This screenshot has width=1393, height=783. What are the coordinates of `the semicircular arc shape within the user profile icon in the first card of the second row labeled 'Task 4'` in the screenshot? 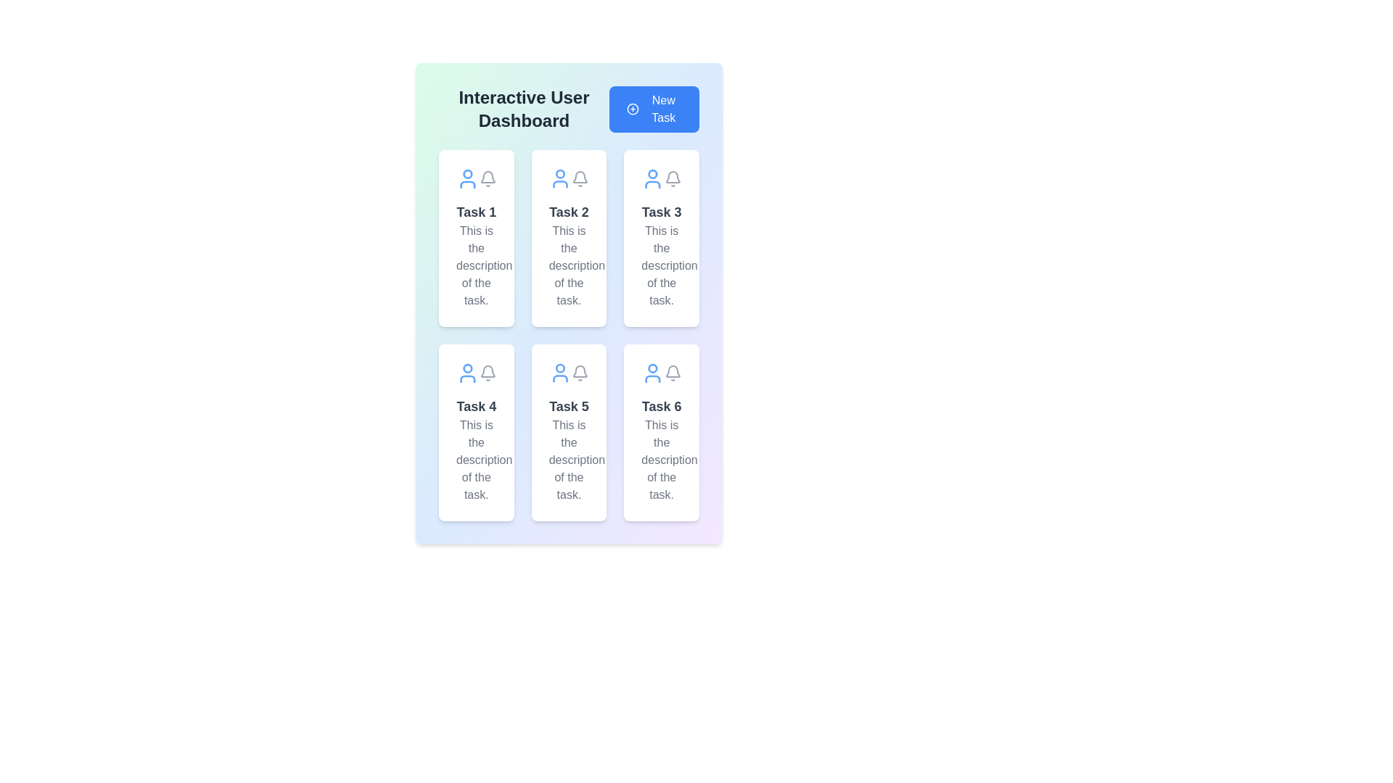 It's located at (467, 378).